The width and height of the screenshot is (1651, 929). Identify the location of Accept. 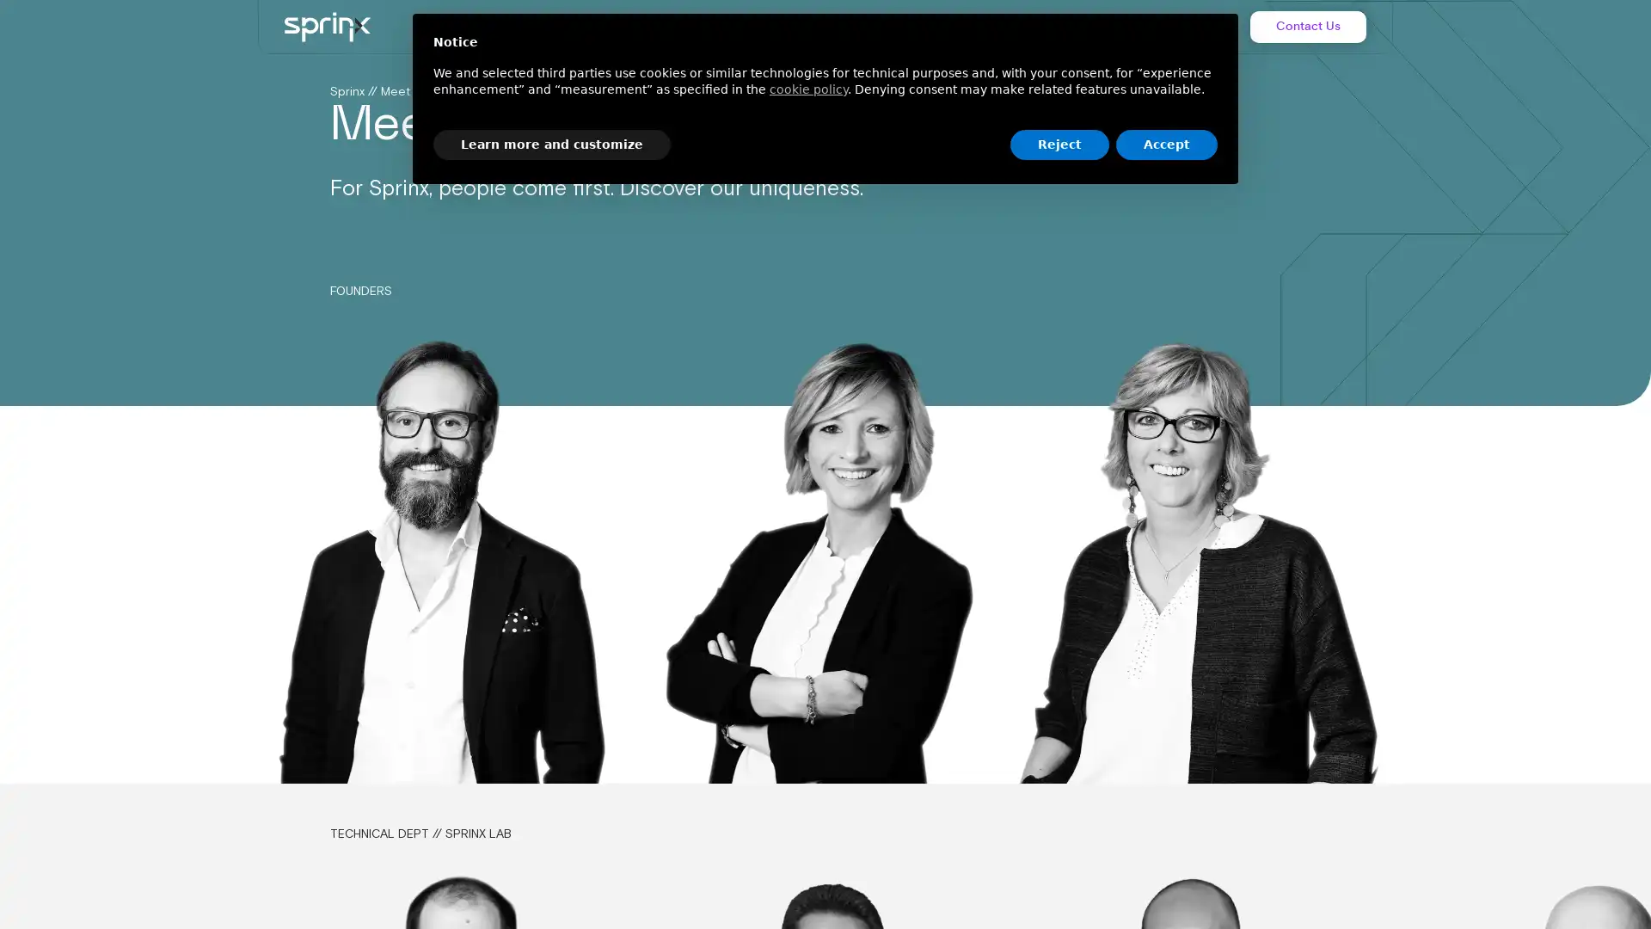
(1167, 144).